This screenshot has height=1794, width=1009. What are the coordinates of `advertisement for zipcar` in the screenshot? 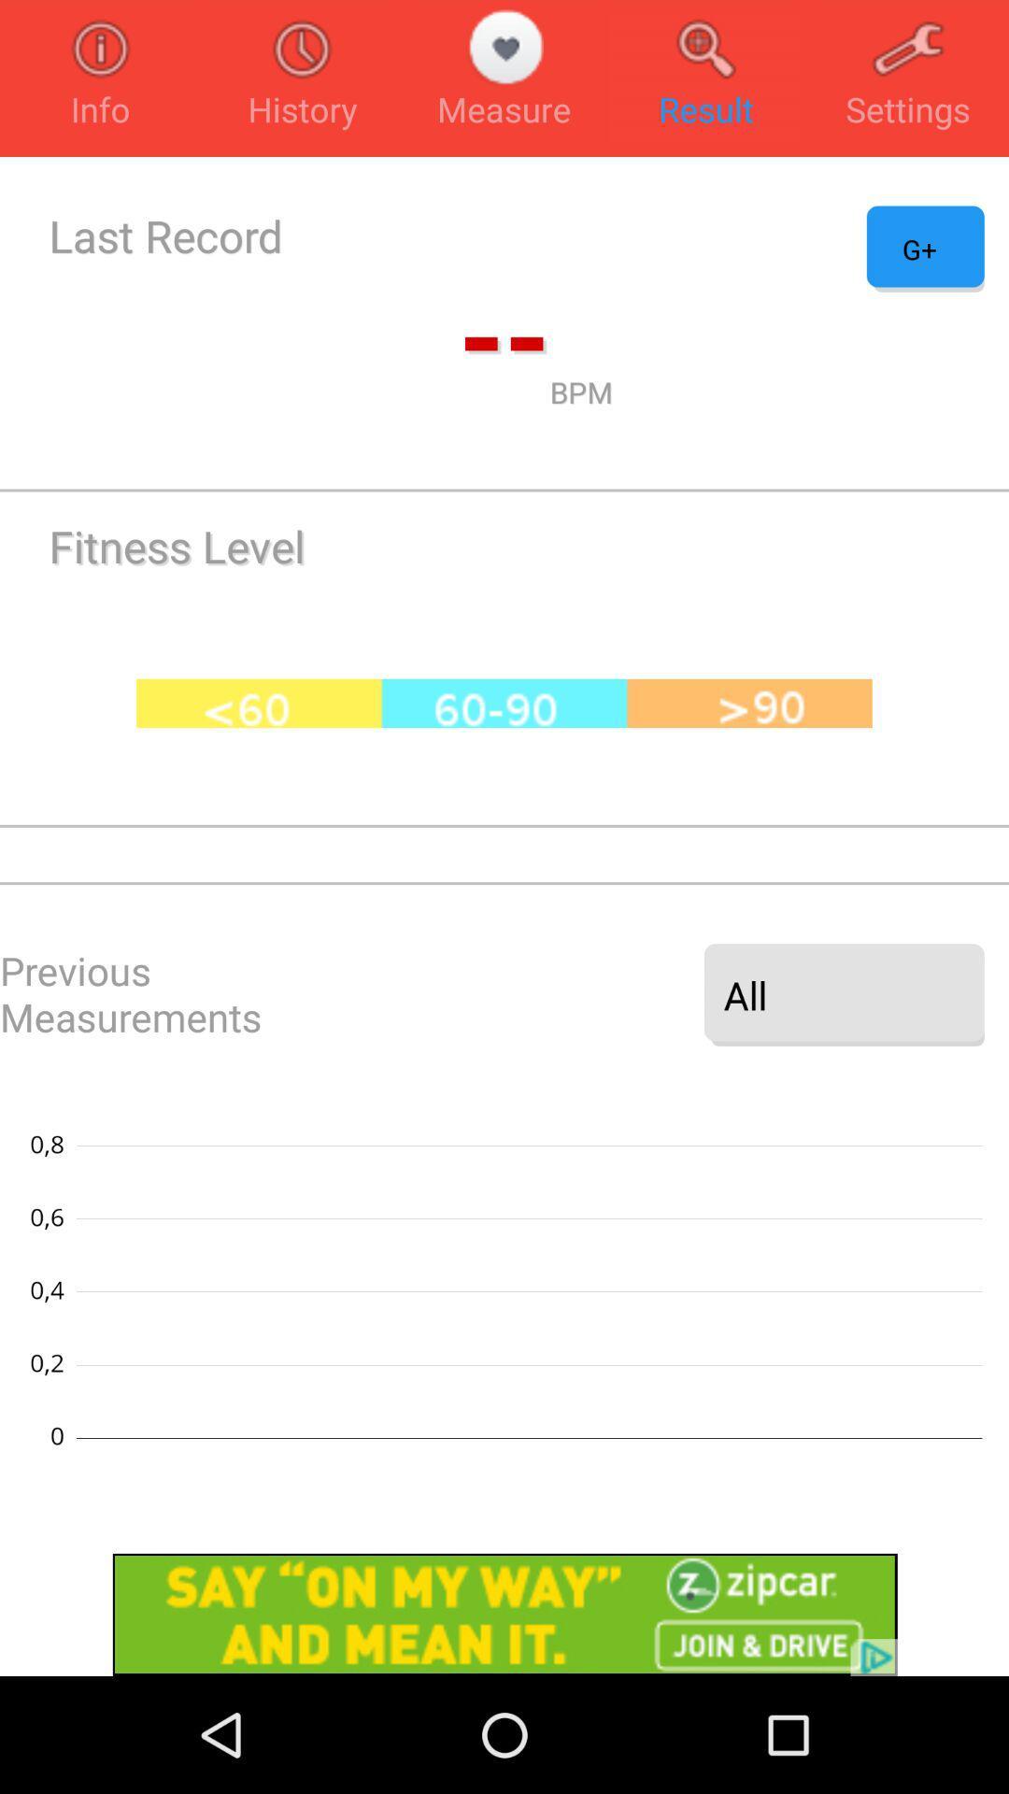 It's located at (504, 1614).